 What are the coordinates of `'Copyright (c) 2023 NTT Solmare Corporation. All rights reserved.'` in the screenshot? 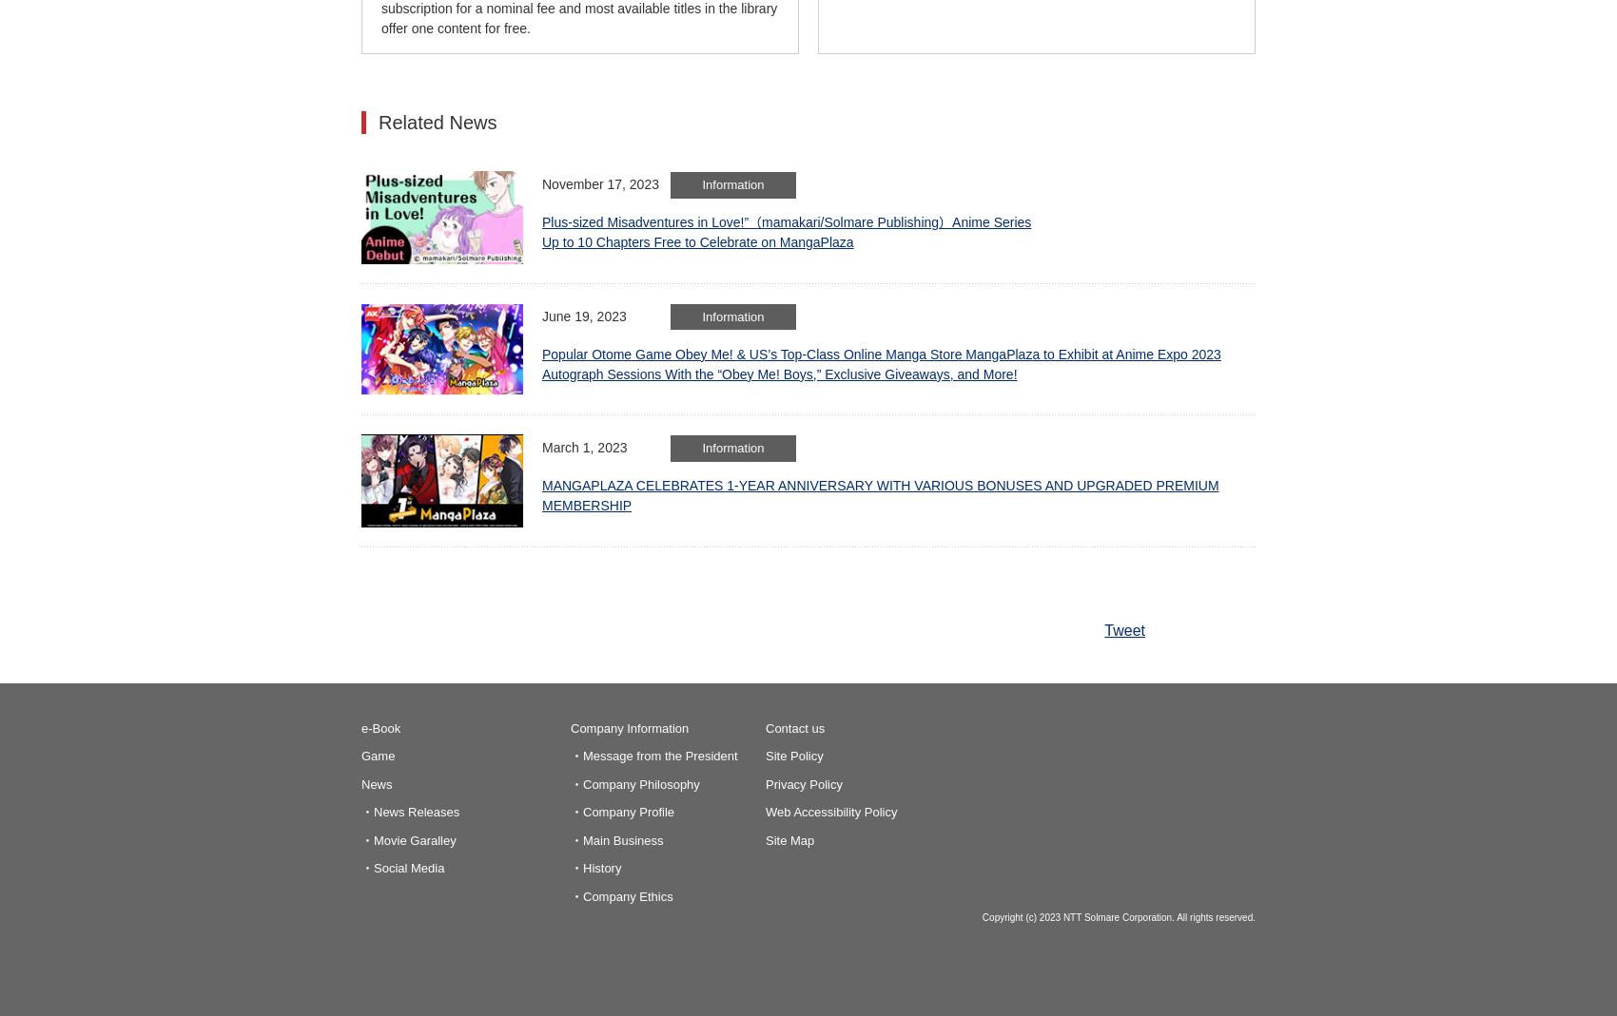 It's located at (1118, 917).